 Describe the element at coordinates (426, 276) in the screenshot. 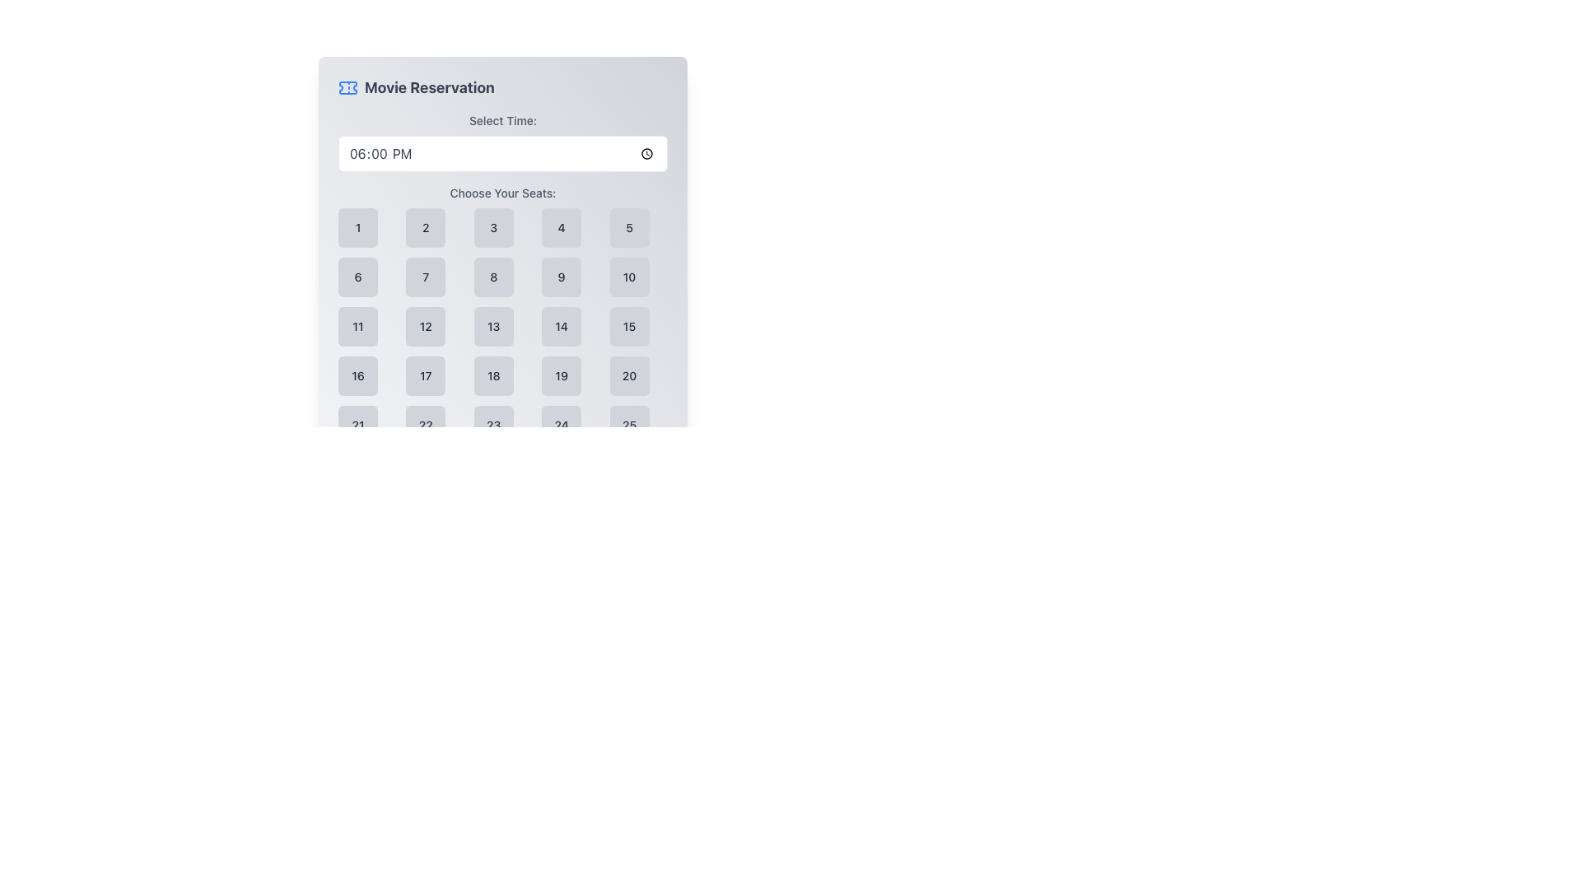

I see `the button representing the number '7' in the seat selection grid` at that location.